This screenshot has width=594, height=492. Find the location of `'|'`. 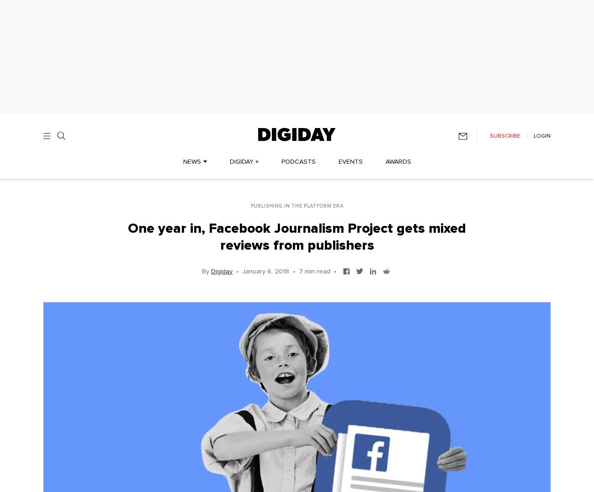

'|' is located at coordinates (527, 135).